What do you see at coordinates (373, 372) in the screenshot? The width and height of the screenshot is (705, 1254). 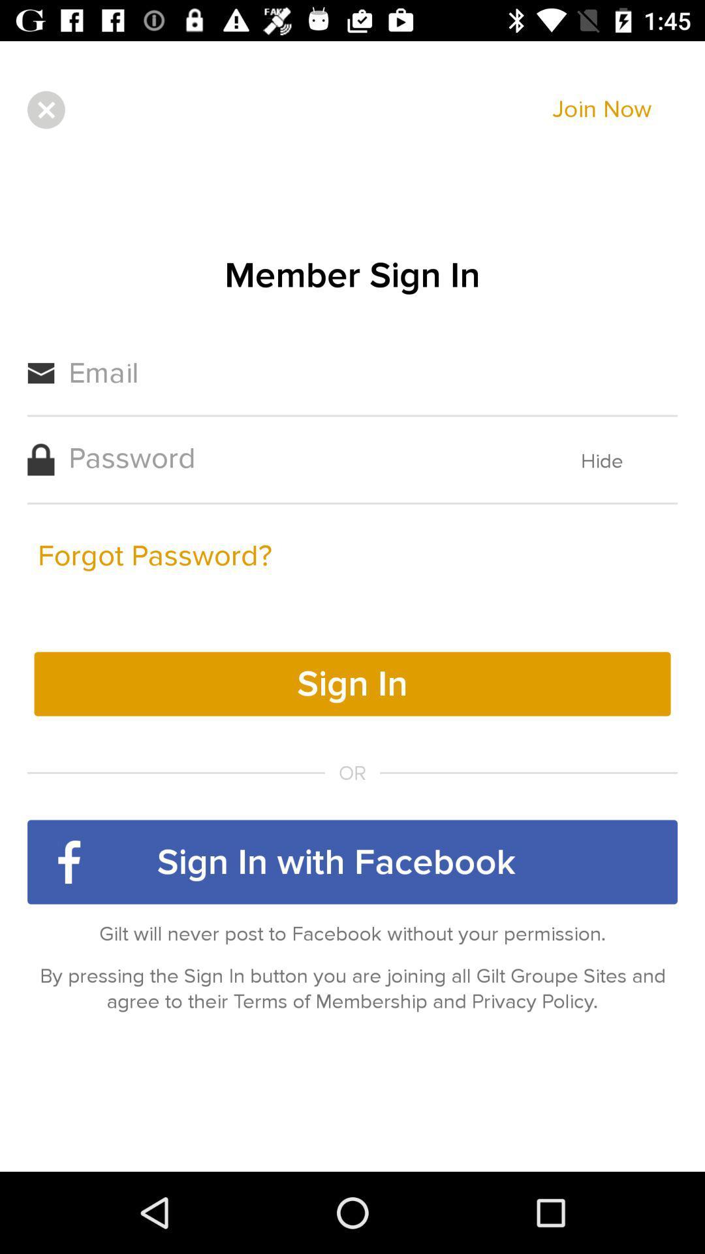 I see `the first text field having the text email` at bounding box center [373, 372].